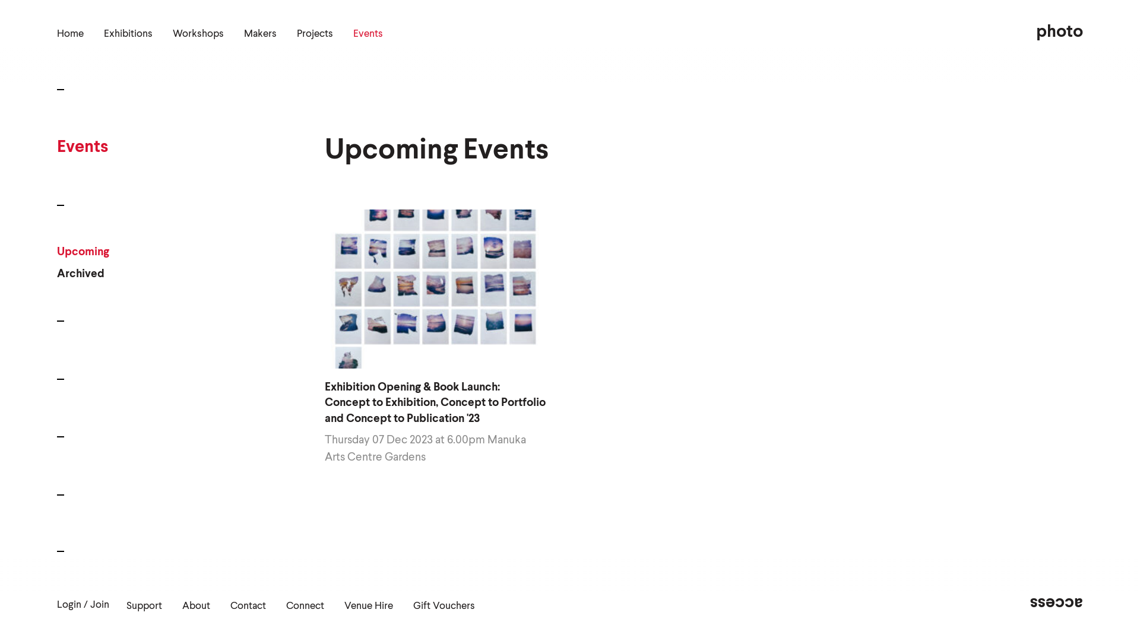  Describe the element at coordinates (305, 606) in the screenshot. I see `'Connect'` at that location.